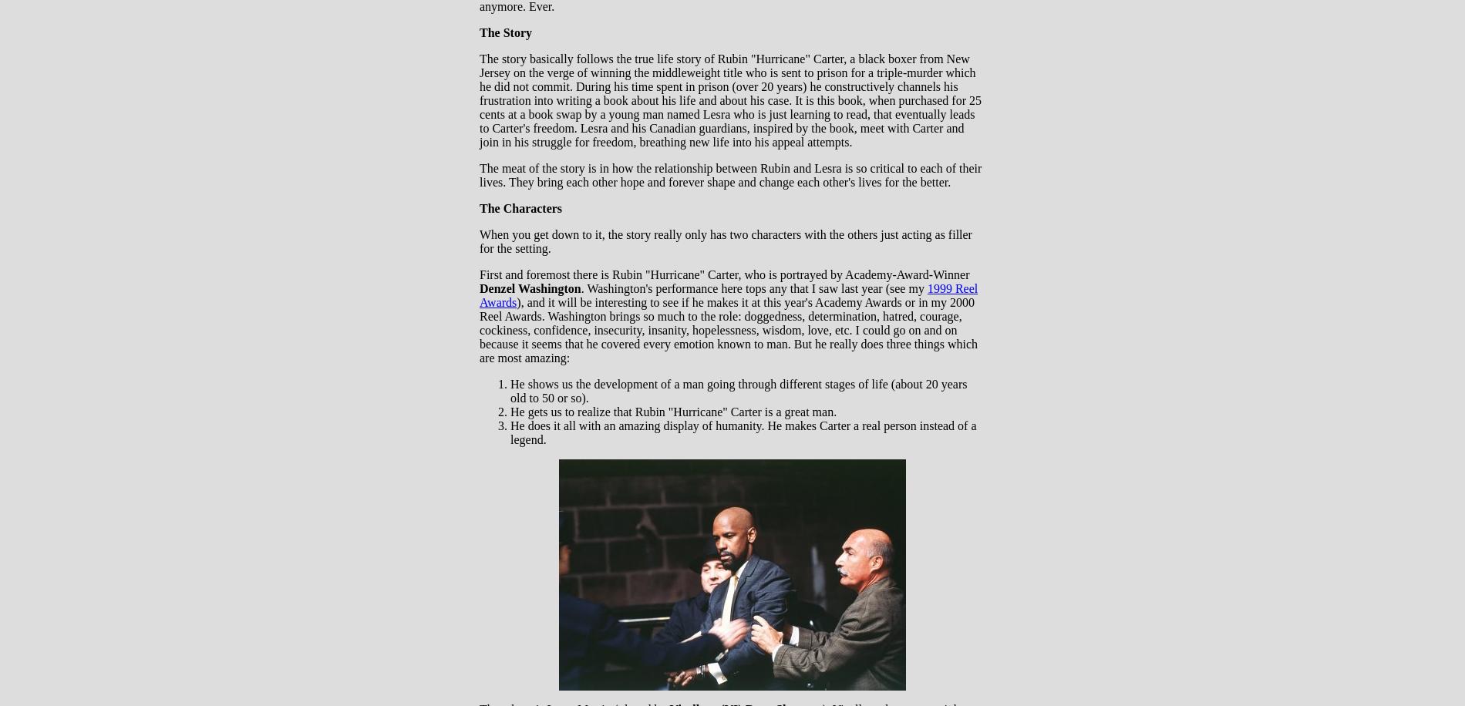 The height and width of the screenshot is (706, 1465). I want to click on 'The Characters', so click(520, 208).